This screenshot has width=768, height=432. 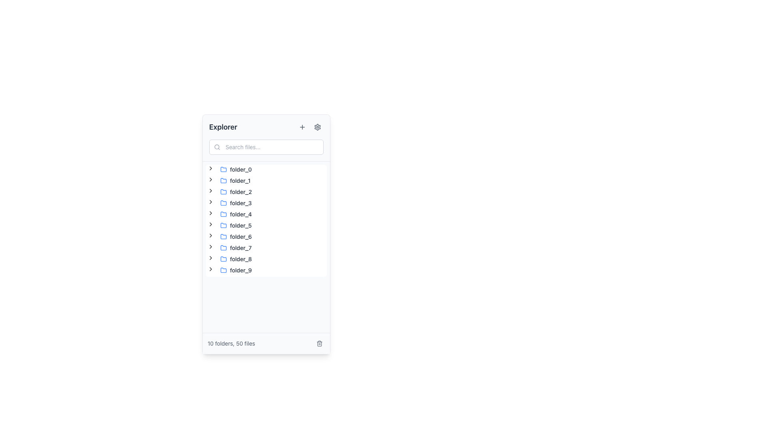 I want to click on the folder icon for 'folder_4' in the Explorer panel, so click(x=223, y=214).